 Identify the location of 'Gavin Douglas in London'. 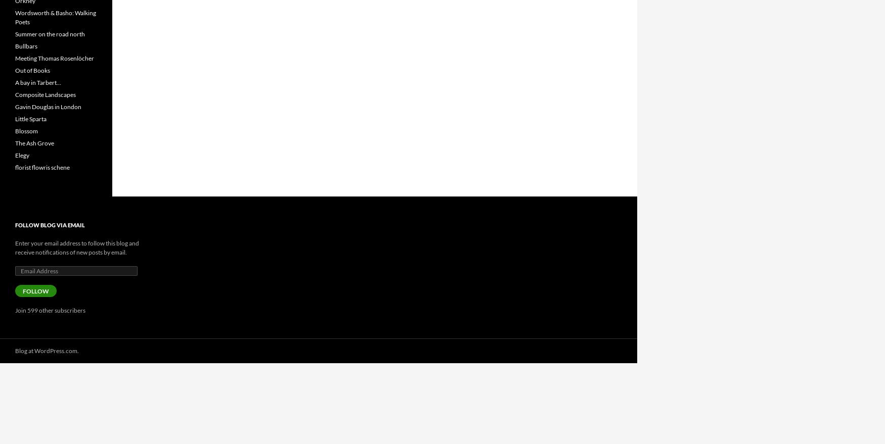
(48, 107).